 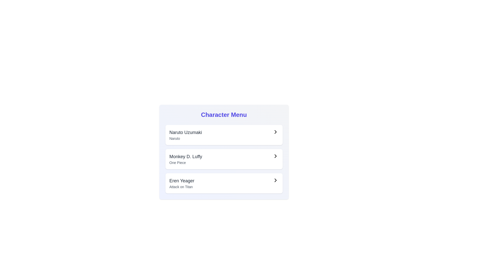 I want to click on the selectable card representing 'Monkey D. Luffy' in the Character Menu, so click(x=224, y=166).